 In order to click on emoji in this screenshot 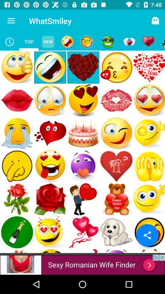, I will do `click(86, 41)`.